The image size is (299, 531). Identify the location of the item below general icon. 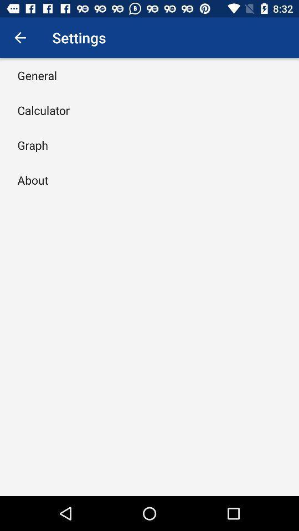
(43, 110).